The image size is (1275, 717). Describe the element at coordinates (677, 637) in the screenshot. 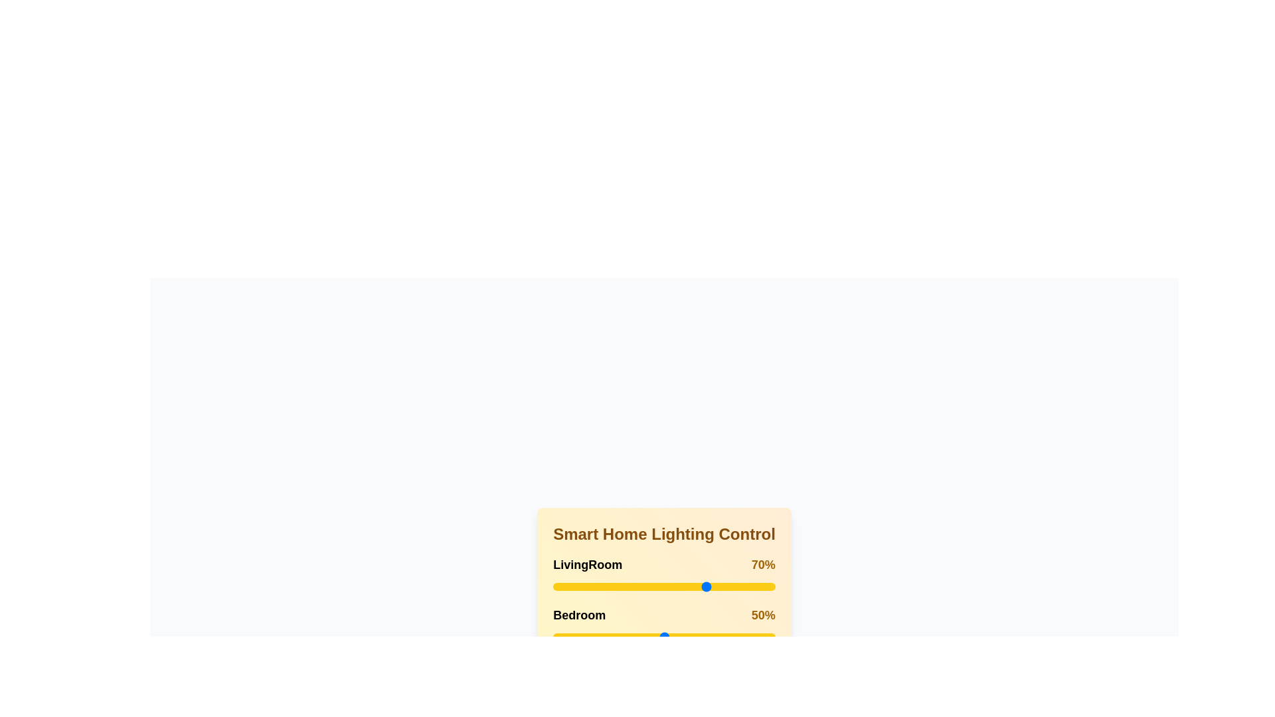

I see `bedroom light intensity` at that location.